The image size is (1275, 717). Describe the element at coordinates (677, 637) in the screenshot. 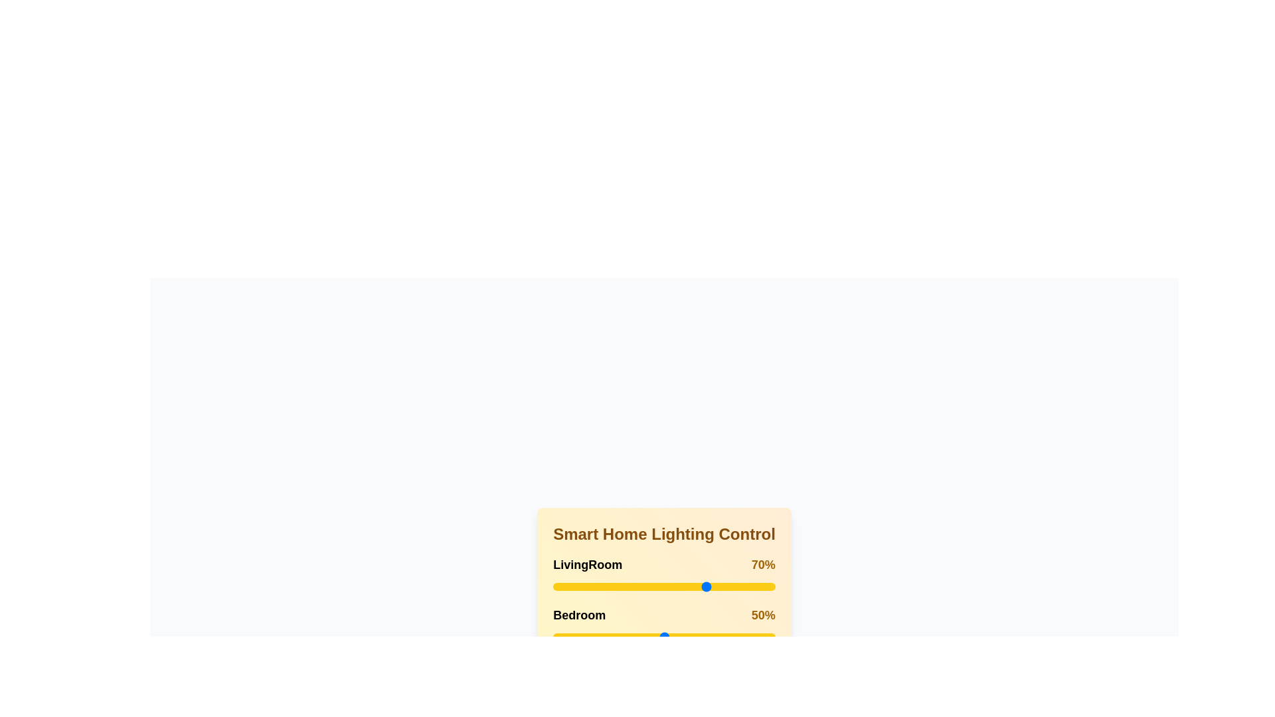

I see `bedroom light intensity` at that location.